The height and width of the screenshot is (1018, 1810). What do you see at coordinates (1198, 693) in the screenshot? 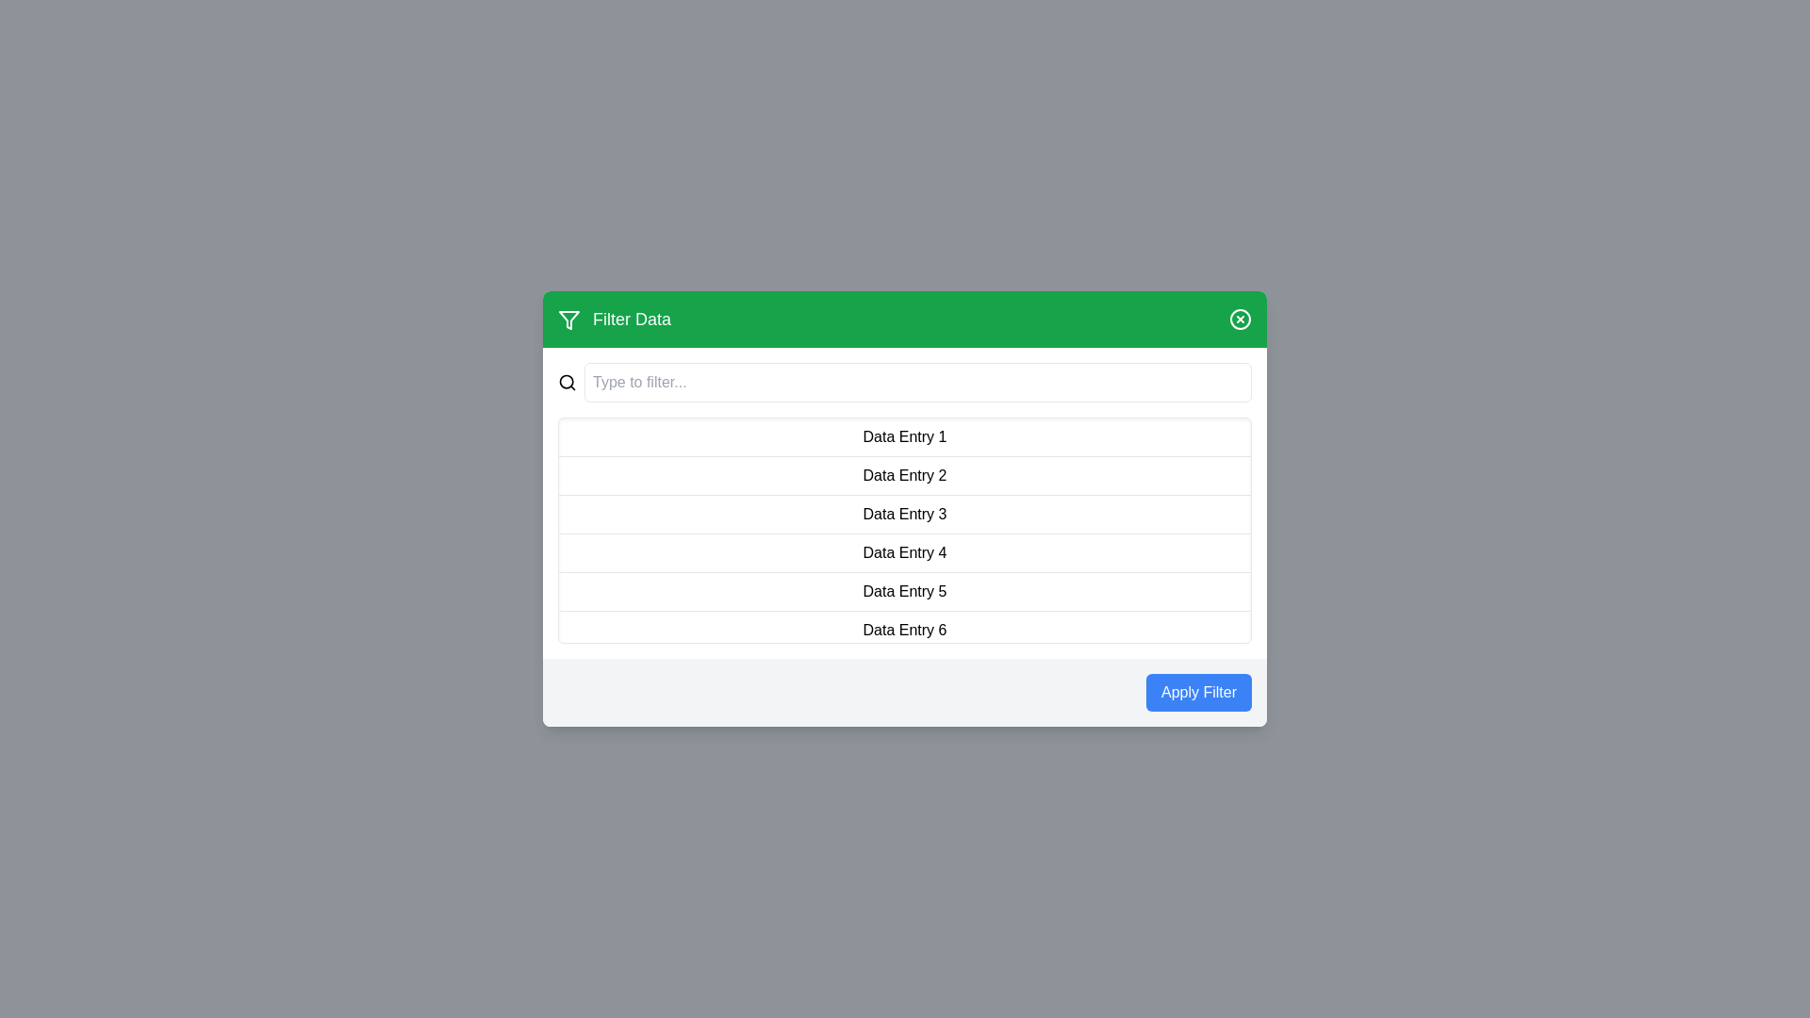
I see `'Apply Filter' button to confirm the filter application` at bounding box center [1198, 693].